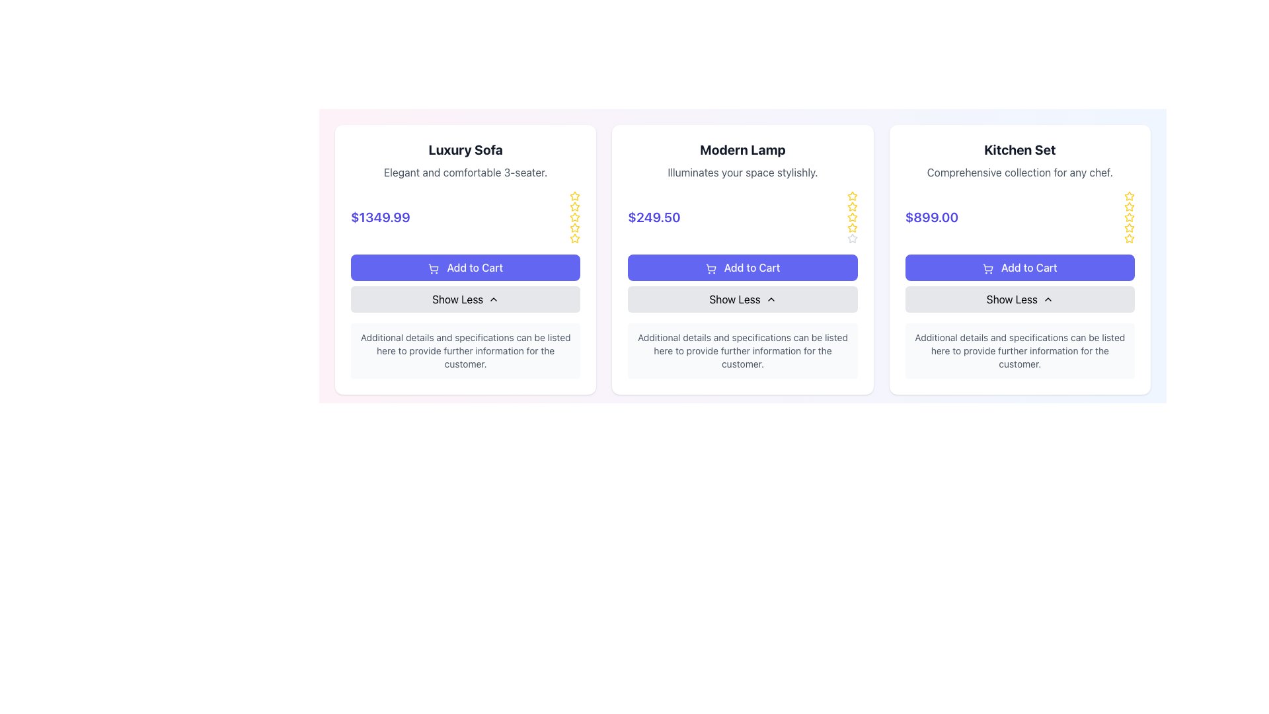 This screenshot has width=1269, height=714. What do you see at coordinates (575, 196) in the screenshot?
I see `the first star icon representing the product rating for the 'Luxury Sofa', which is located to the right of the product's price` at bounding box center [575, 196].